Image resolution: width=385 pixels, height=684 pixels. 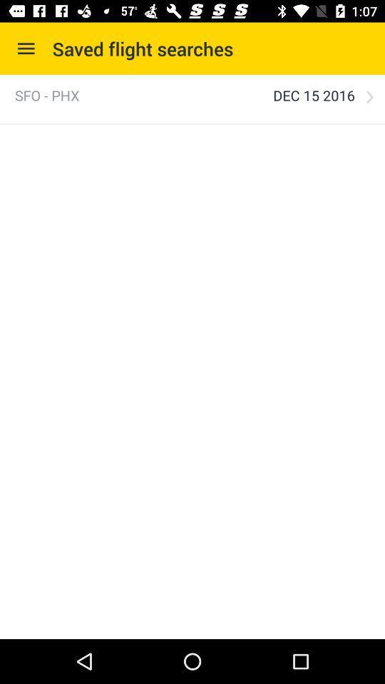 I want to click on the sfo - phx, so click(x=47, y=95).